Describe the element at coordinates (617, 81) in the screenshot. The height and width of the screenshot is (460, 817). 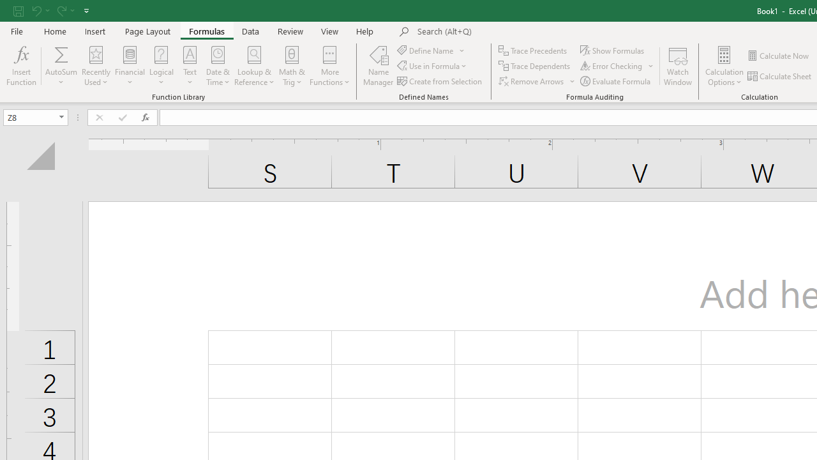
I see `'Evaluate Formula'` at that location.